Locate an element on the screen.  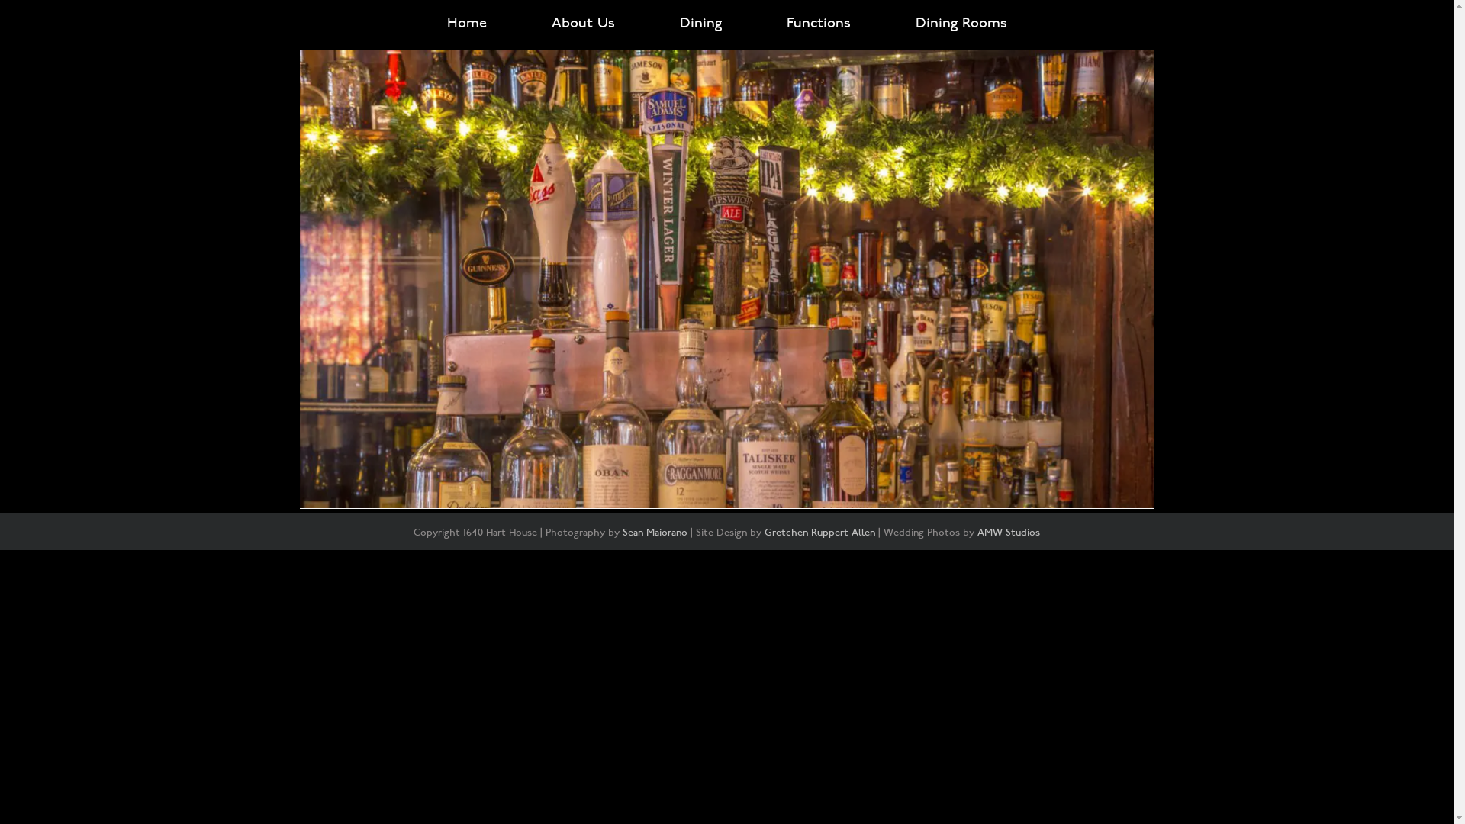
'Gretchen Ruppert Allen' is located at coordinates (819, 532).